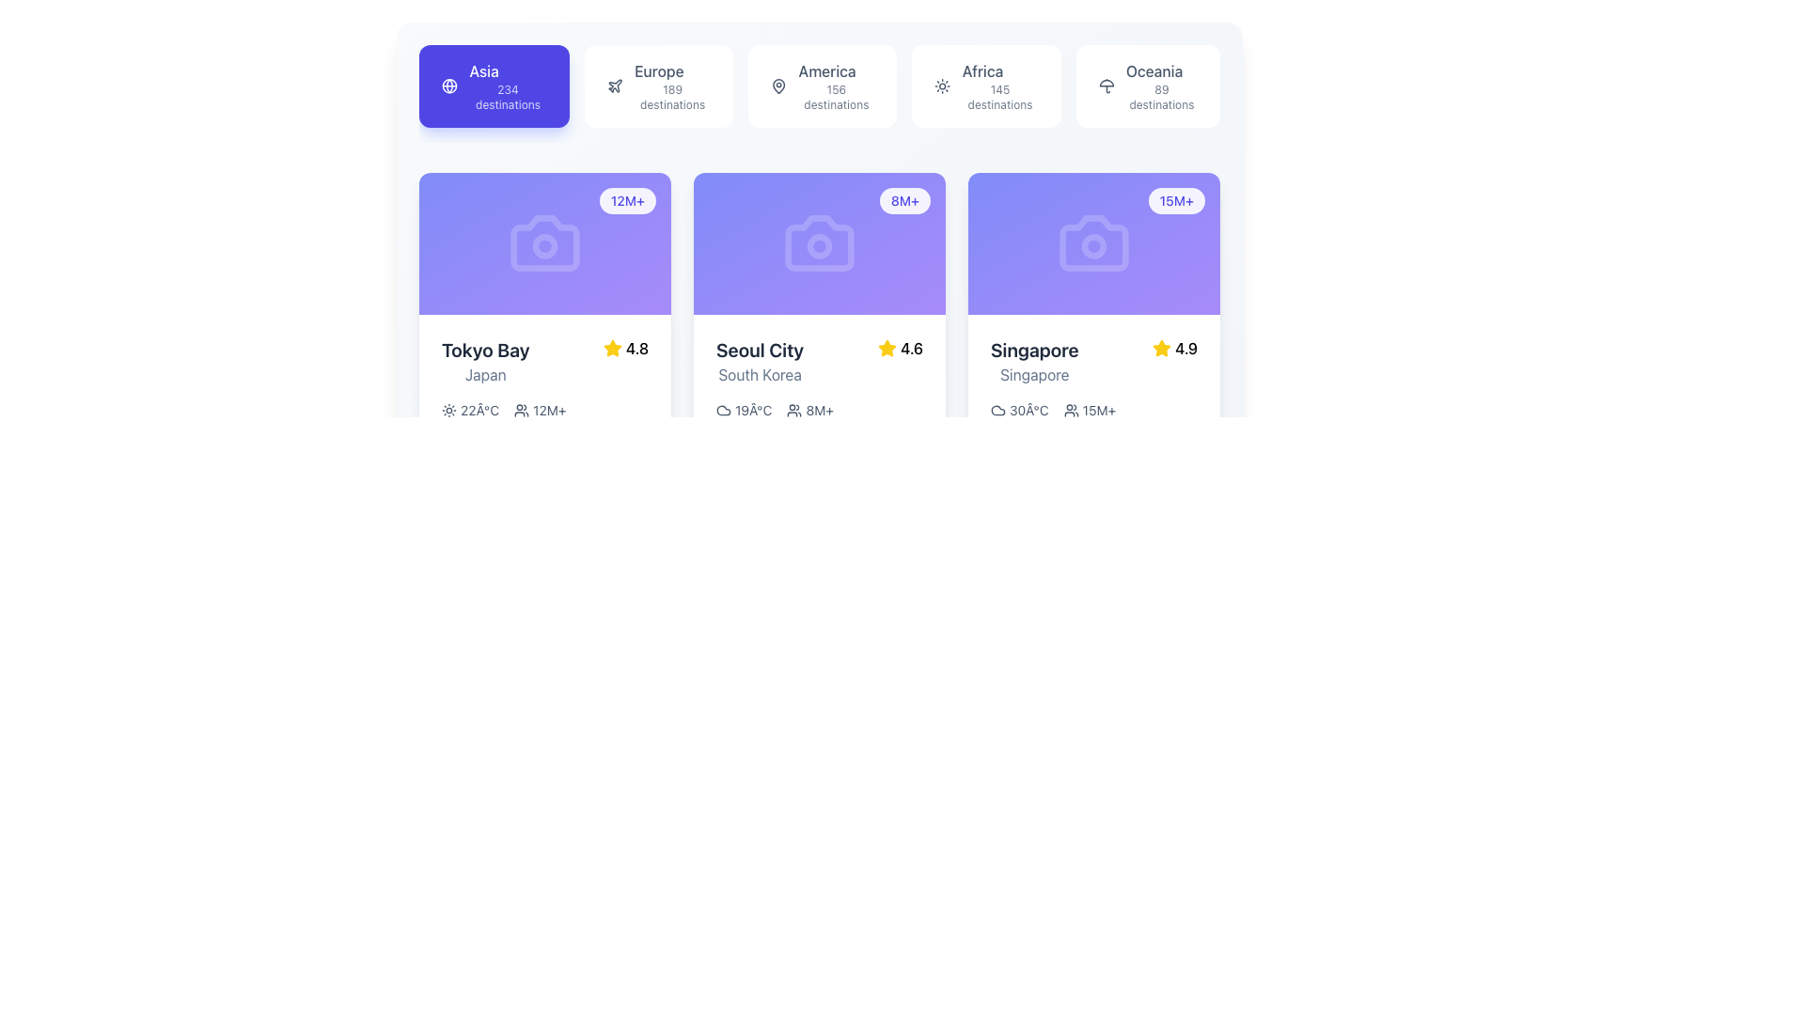 The image size is (1805, 1015). I want to click on the text label displaying '8M+' which represents a user count, located in the lower portion of the 'Seoul City' tile, to the right of a user silhouette icon, so click(820, 409).